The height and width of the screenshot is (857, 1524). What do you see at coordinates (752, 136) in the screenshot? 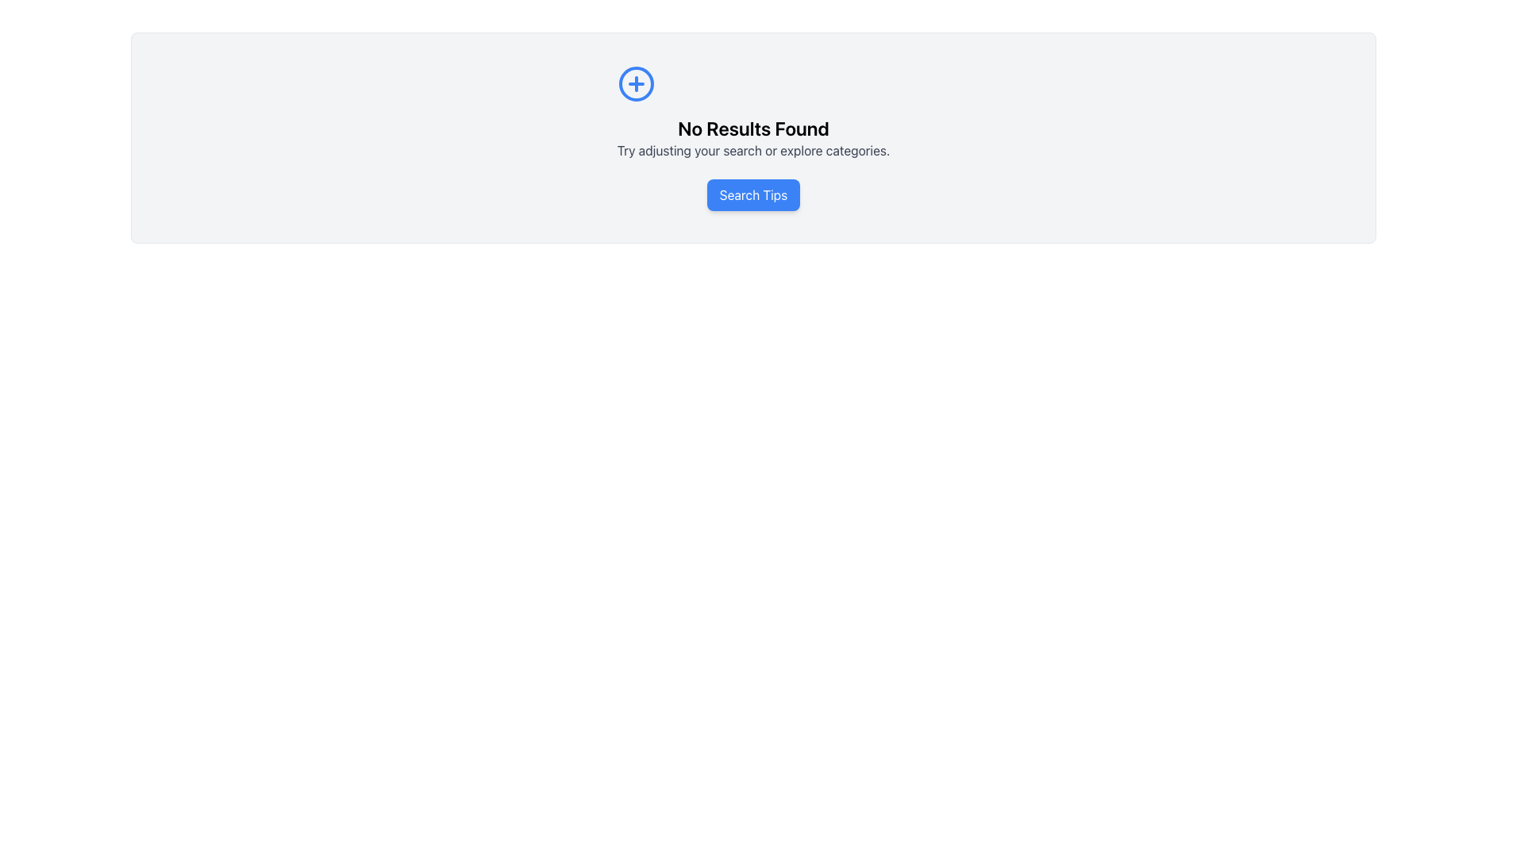
I see `the notification message text block that informs the user about no search results found, located centrally in the panel` at bounding box center [752, 136].